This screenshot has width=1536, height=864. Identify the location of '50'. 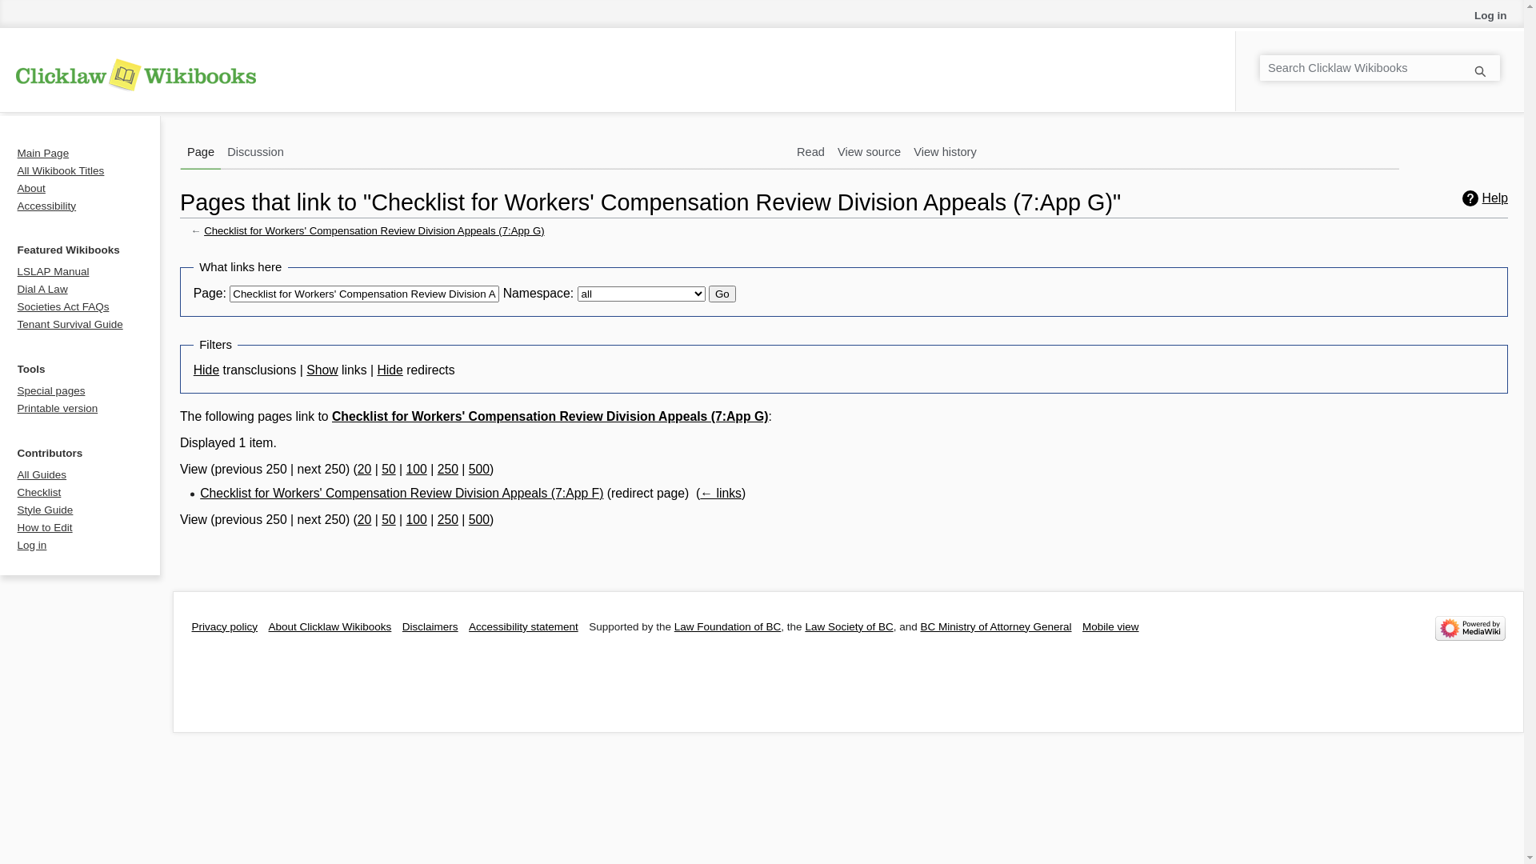
(388, 468).